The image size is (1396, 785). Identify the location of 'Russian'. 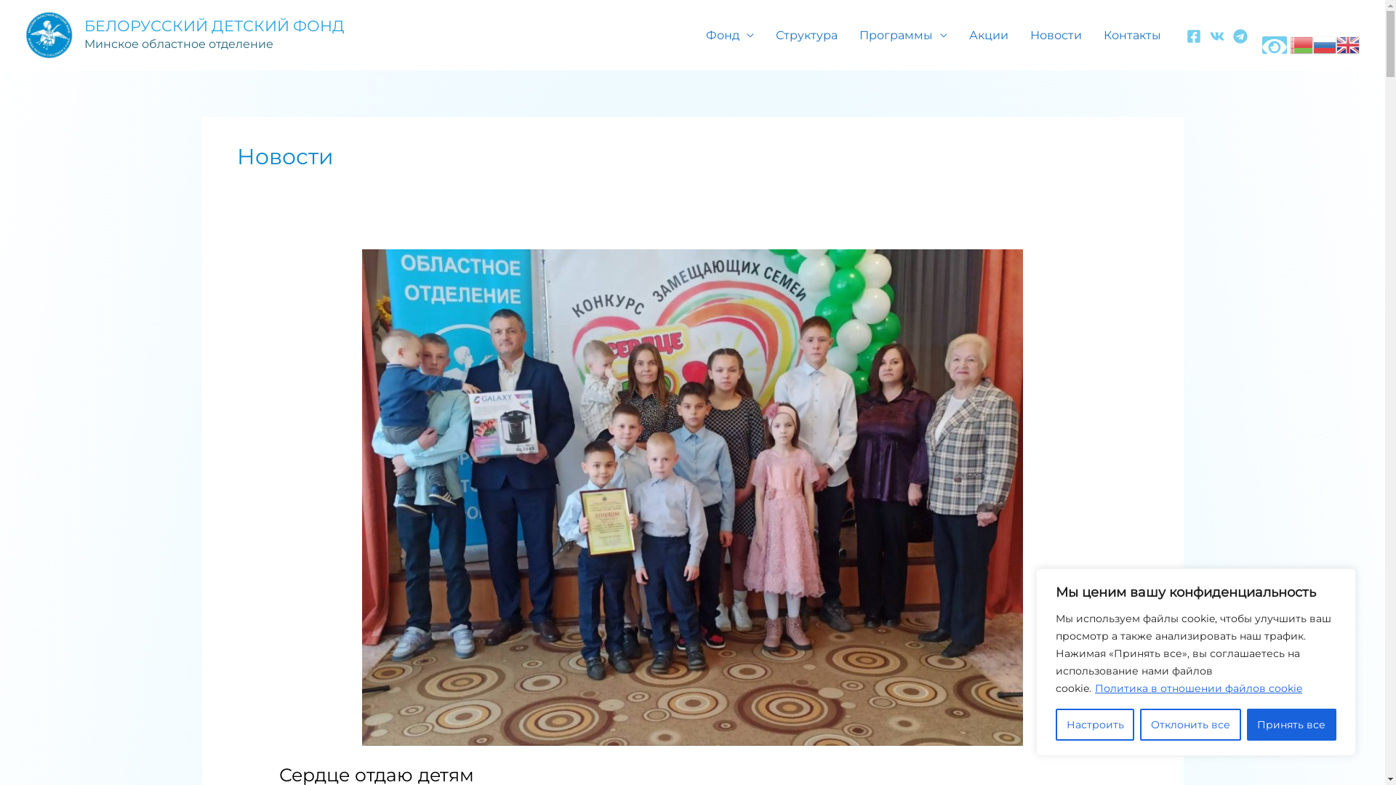
(1325, 42).